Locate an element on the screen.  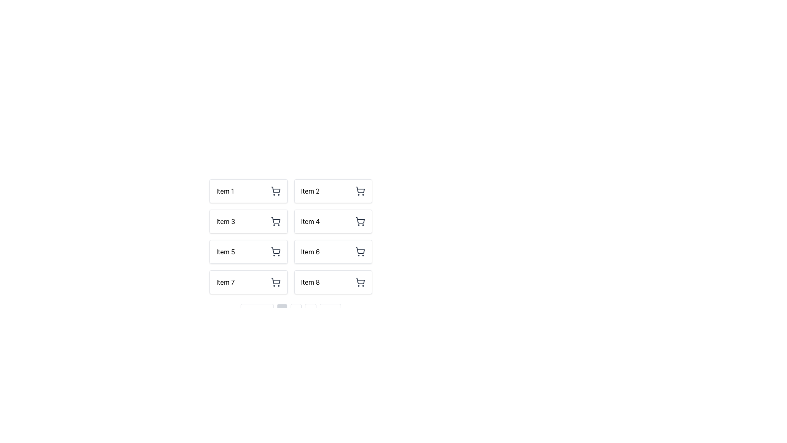
the text label displaying 'Item 1' which is aligned to the left in a card layout, positioned beside a shopping cart icon is located at coordinates (225, 191).